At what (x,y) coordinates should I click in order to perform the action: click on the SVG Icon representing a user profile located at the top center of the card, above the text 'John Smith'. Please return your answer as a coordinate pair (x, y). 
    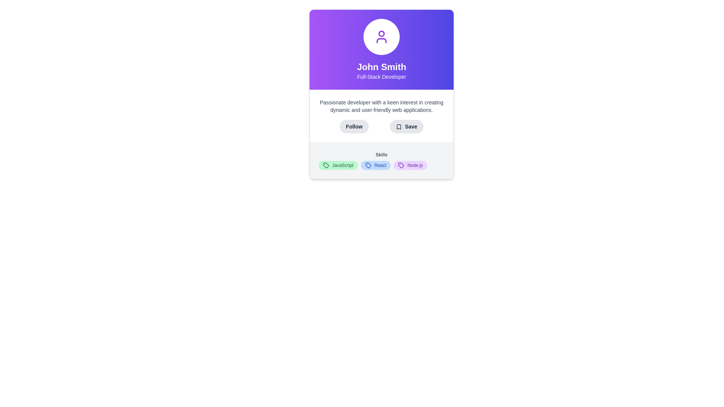
    Looking at the image, I should click on (382, 37).